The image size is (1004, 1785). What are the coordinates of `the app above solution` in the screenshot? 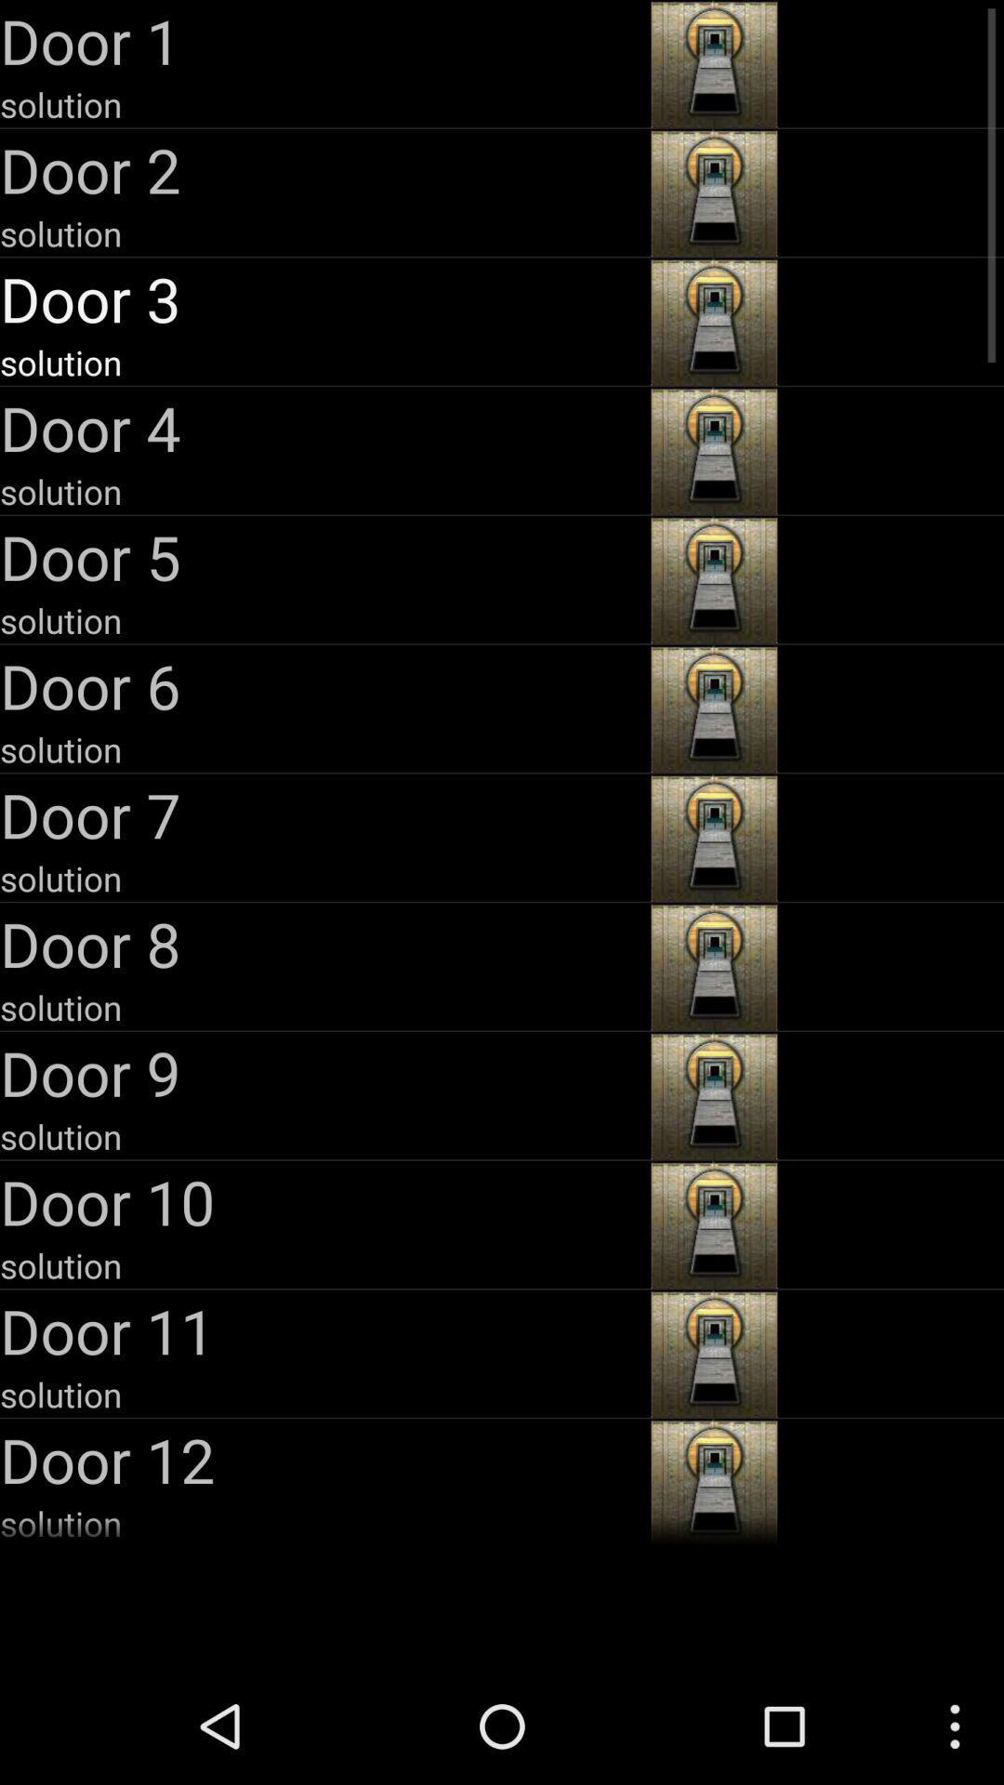 It's located at (322, 1072).